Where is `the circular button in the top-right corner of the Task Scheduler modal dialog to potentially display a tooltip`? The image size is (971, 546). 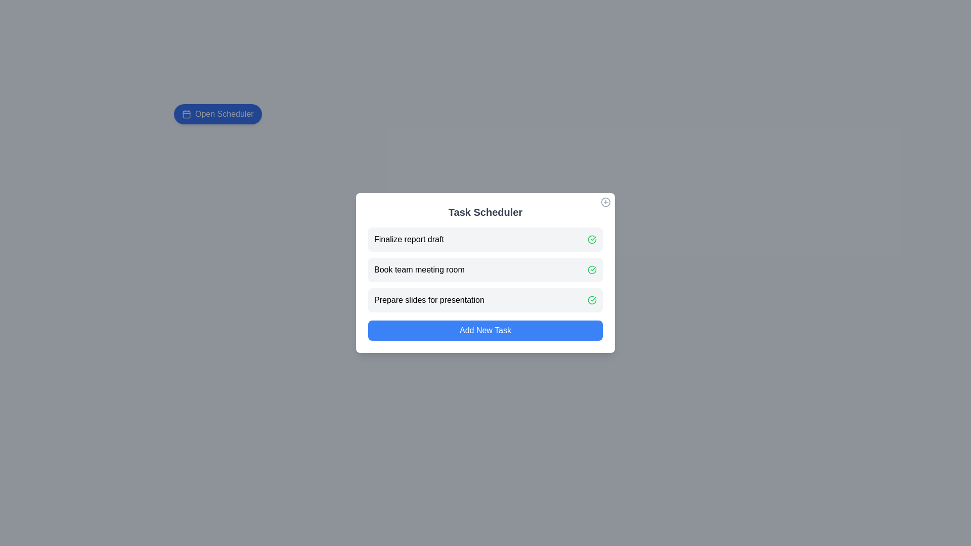 the circular button in the top-right corner of the Task Scheduler modal dialog to potentially display a tooltip is located at coordinates (606, 202).